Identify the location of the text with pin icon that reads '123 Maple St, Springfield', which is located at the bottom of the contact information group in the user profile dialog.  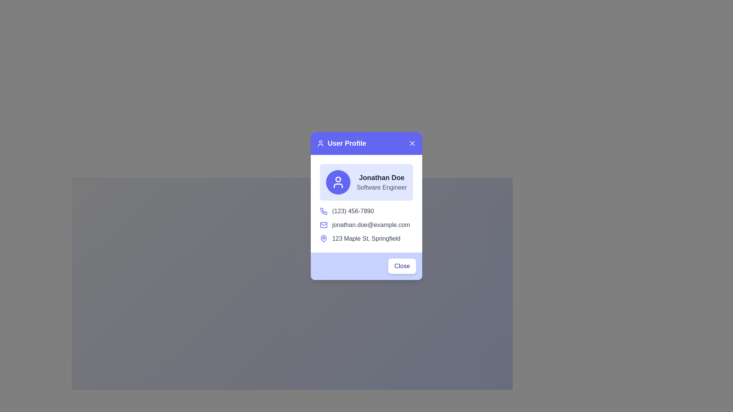
(366, 238).